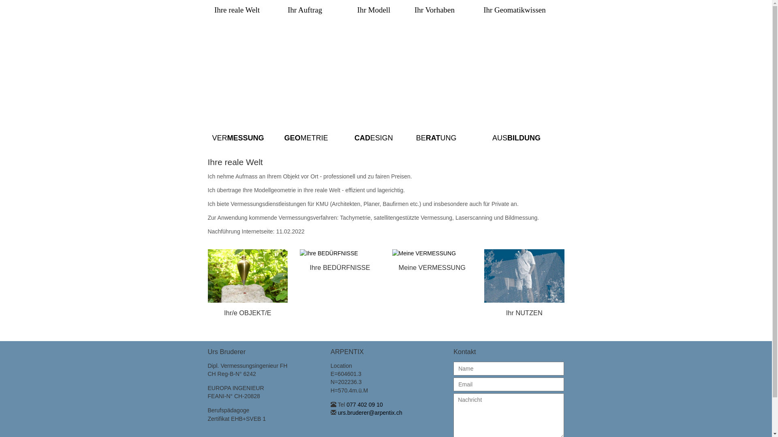  What do you see at coordinates (434, 10) in the screenshot?
I see `'Ihr Vorhaben'` at bounding box center [434, 10].